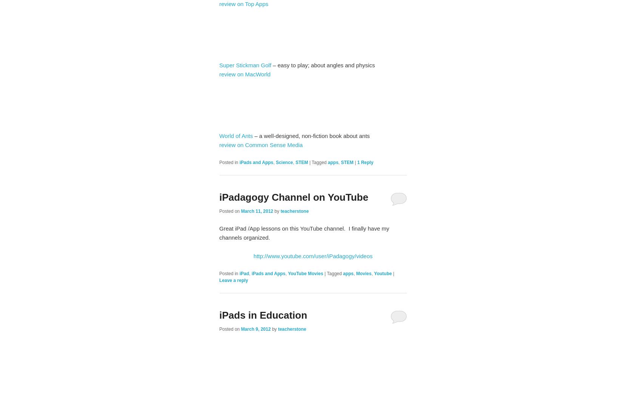  What do you see at coordinates (382, 273) in the screenshot?
I see `'Youtube'` at bounding box center [382, 273].